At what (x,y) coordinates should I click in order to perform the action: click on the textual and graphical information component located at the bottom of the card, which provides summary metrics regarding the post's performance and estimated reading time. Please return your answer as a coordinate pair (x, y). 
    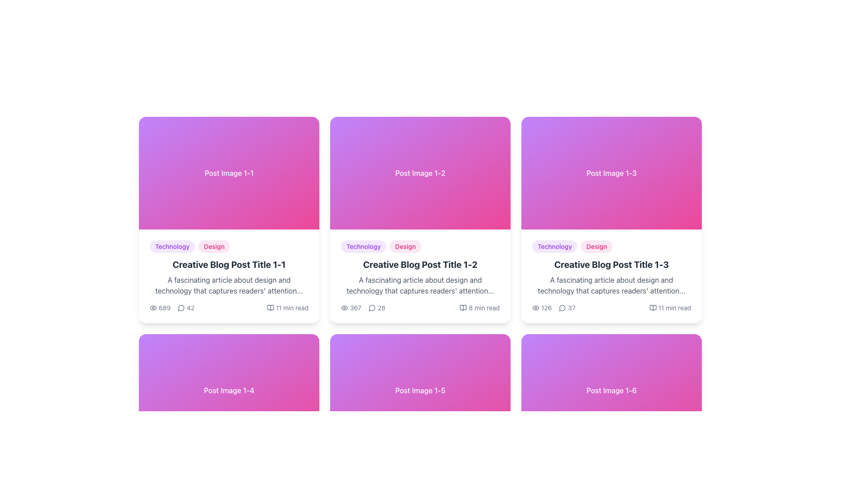
    Looking at the image, I should click on (229, 307).